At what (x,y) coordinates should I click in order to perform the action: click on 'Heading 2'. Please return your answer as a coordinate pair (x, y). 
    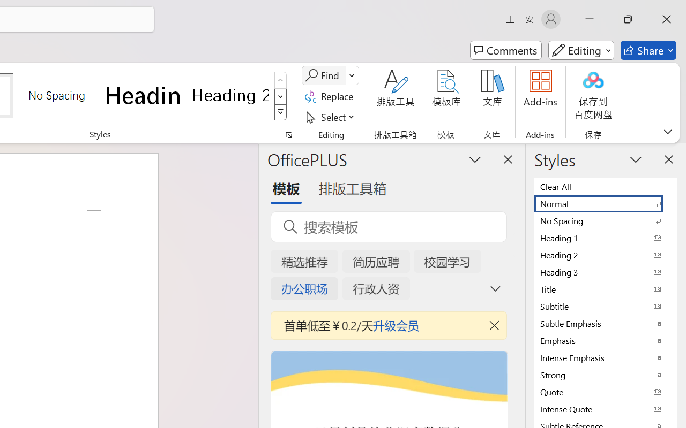
    Looking at the image, I should click on (230, 95).